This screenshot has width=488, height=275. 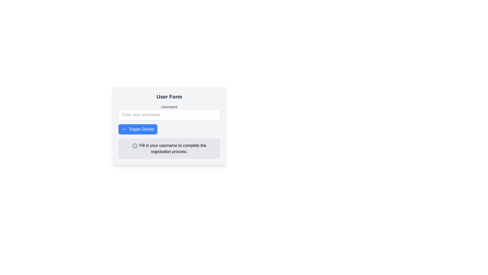 I want to click on SVG Circle element with a gray stroke, located adjacent to the username prompt in the bottom area of the user form, so click(x=135, y=146).